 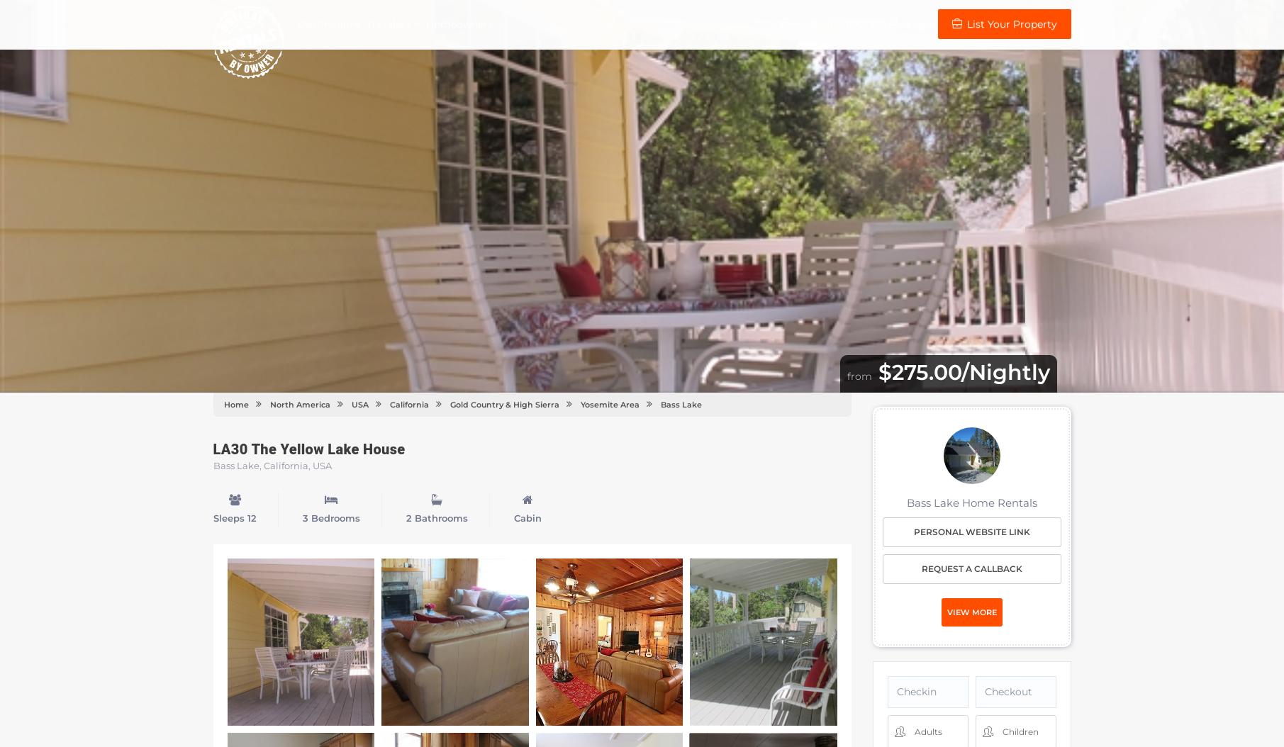 What do you see at coordinates (436, 517) in the screenshot?
I see `'2 Bathrooms'` at bounding box center [436, 517].